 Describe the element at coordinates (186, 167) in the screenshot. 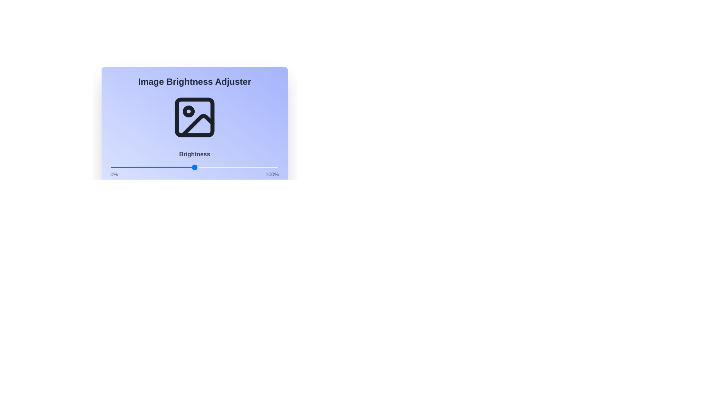

I see `the brightness to 45% using the slider` at that location.